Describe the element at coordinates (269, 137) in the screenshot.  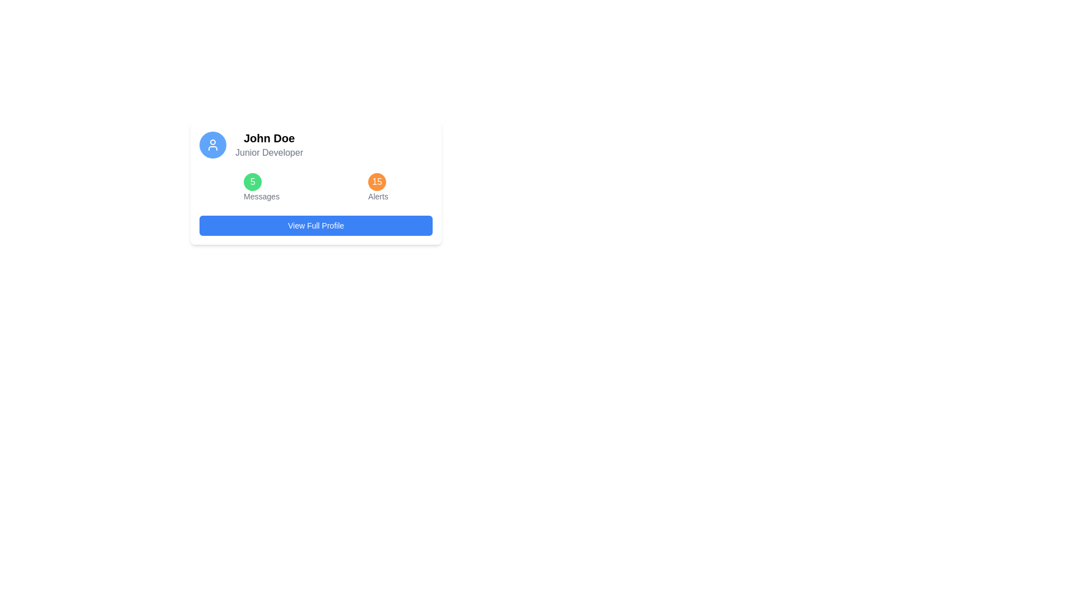
I see `the text label displaying the user's name, which is positioned above the job title 'Junior Developer' within the main card structure` at that location.